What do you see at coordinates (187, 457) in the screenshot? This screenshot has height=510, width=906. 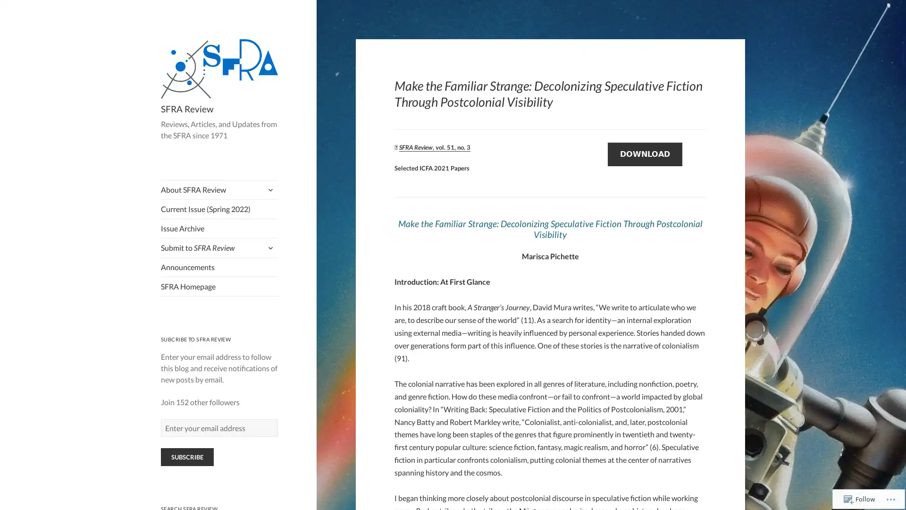 I see `SUBSCRIBE` at bounding box center [187, 457].